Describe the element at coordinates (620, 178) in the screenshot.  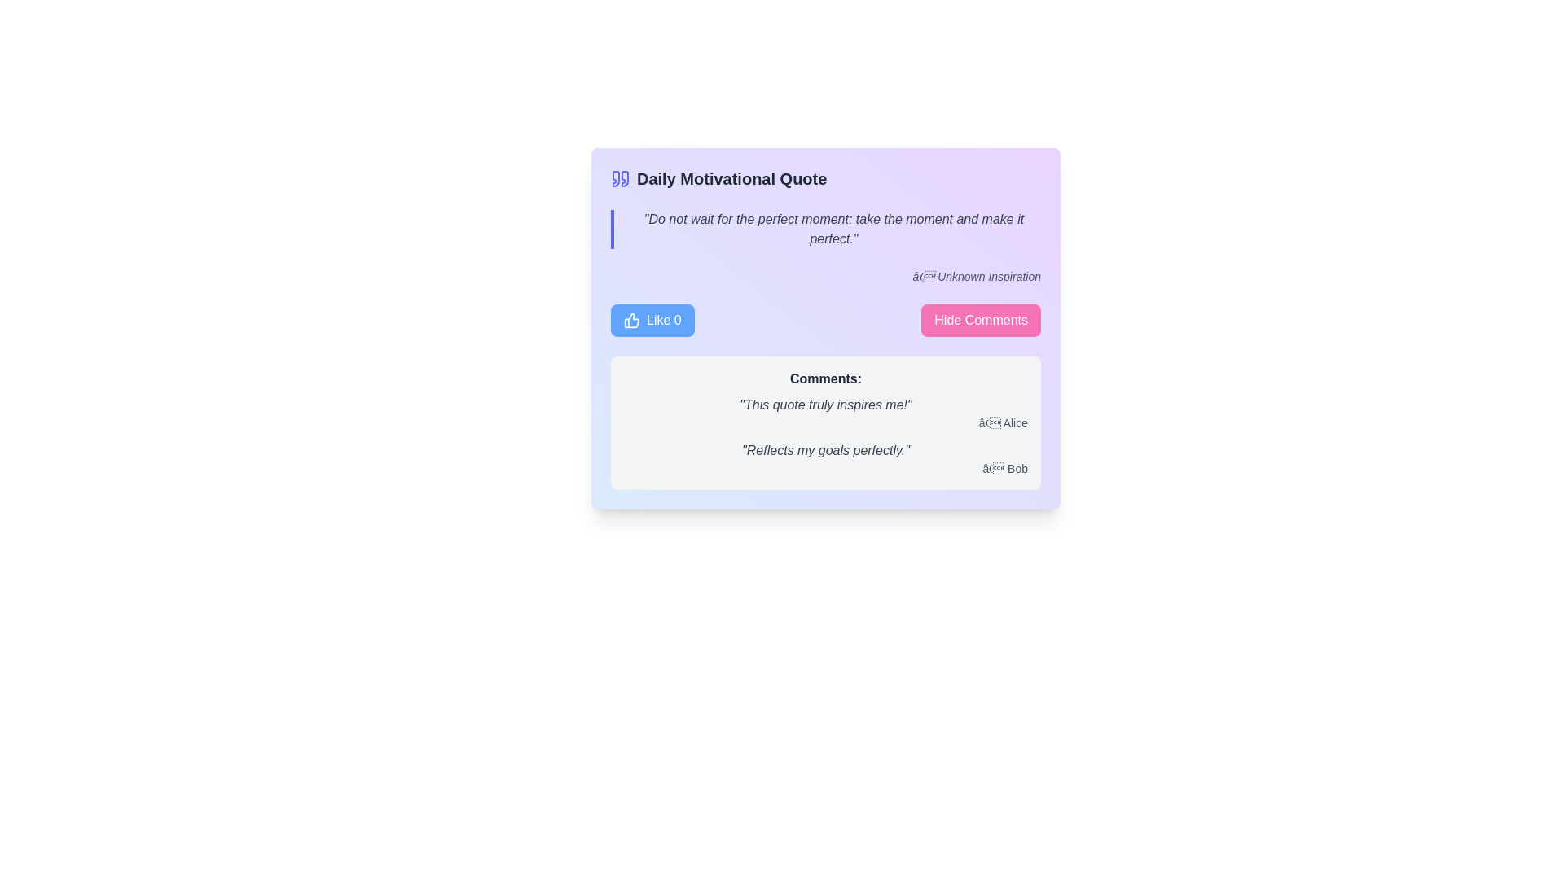
I see `the decorative icon representing the 'Daily Motivational Quote' in the header section, which is positioned to the left of the quote text` at that location.